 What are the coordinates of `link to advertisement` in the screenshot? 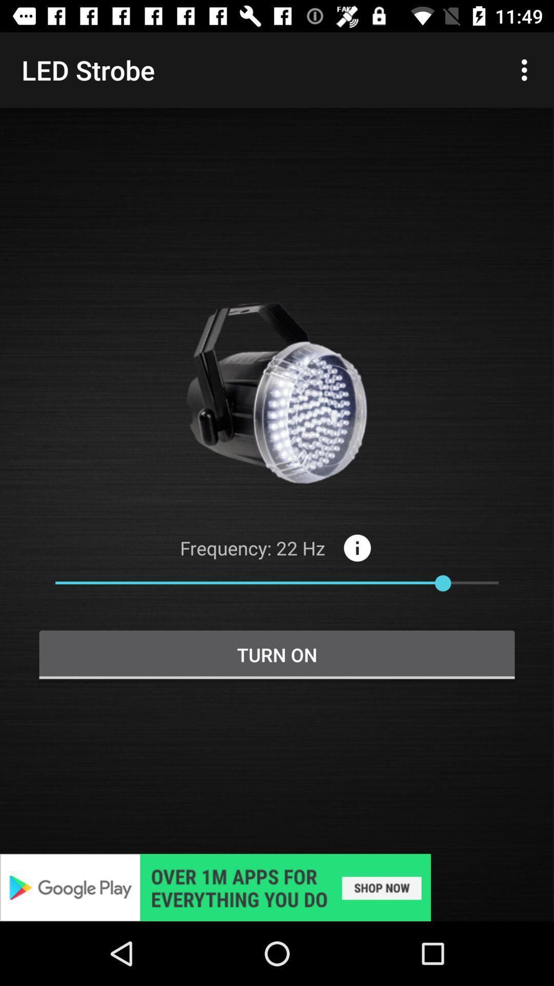 It's located at (277, 887).